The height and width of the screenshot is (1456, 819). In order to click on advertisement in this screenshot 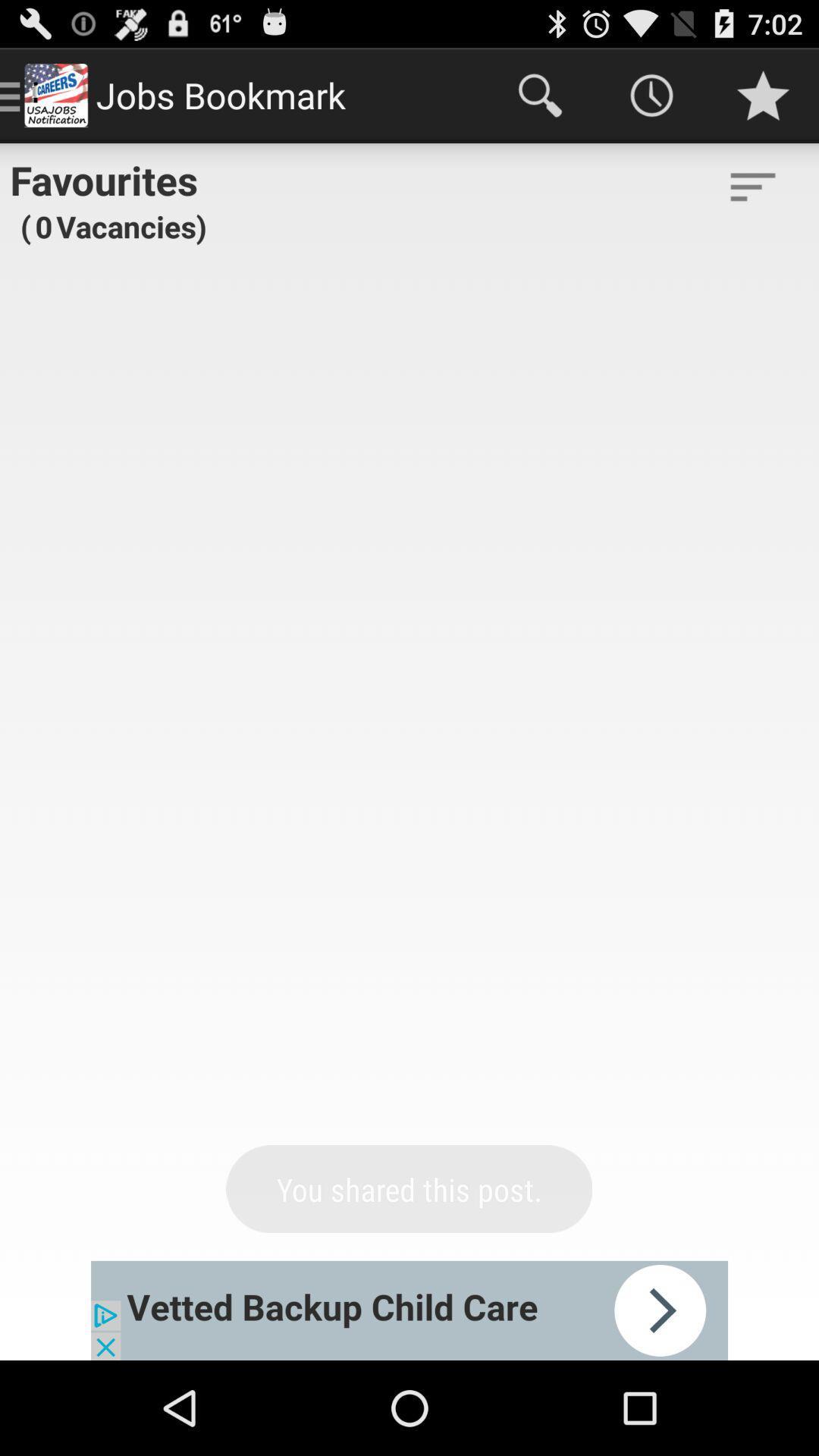, I will do `click(409, 1310)`.